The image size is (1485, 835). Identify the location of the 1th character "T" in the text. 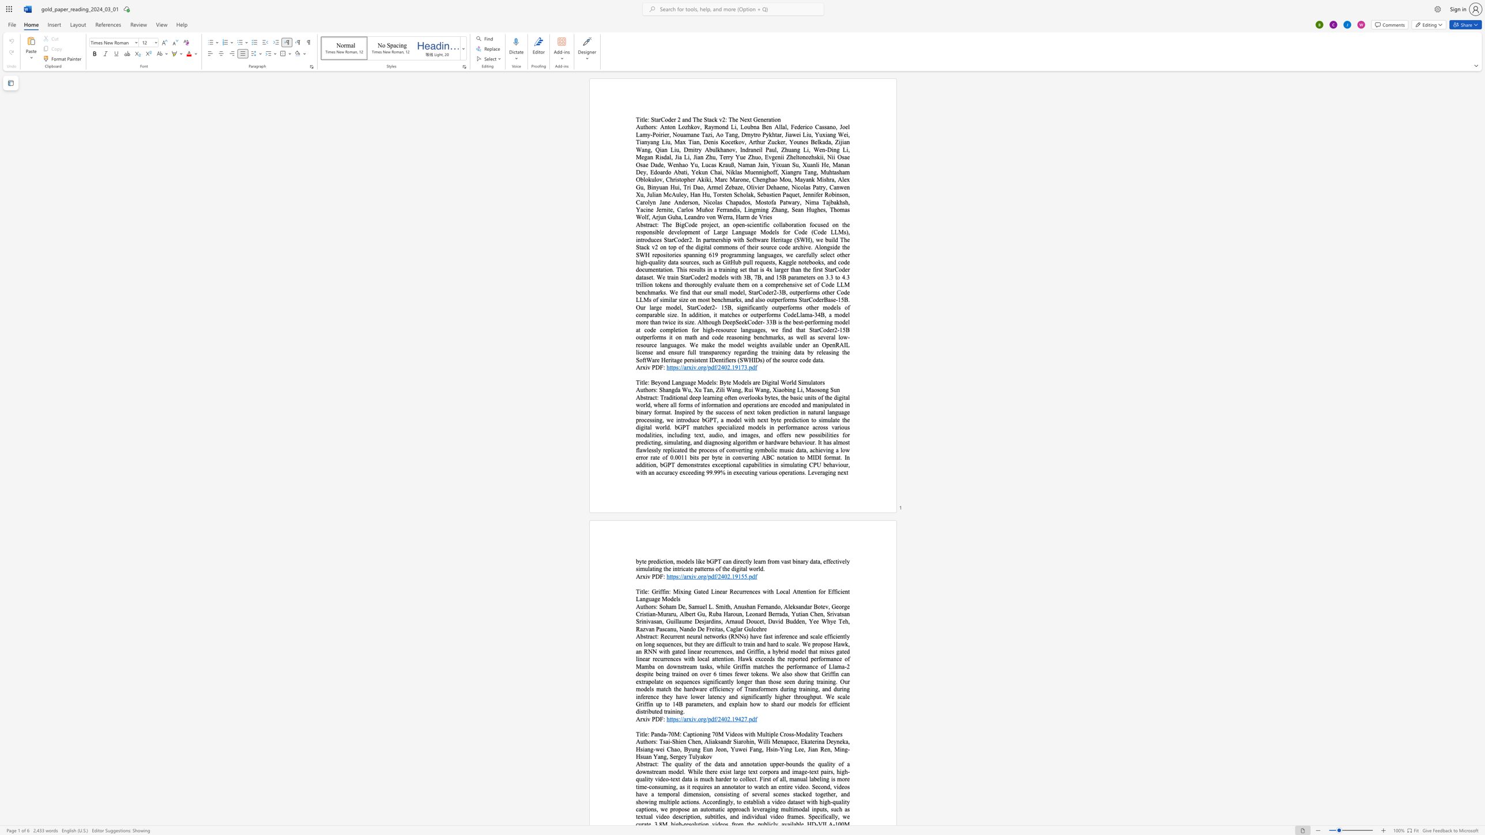
(822, 734).